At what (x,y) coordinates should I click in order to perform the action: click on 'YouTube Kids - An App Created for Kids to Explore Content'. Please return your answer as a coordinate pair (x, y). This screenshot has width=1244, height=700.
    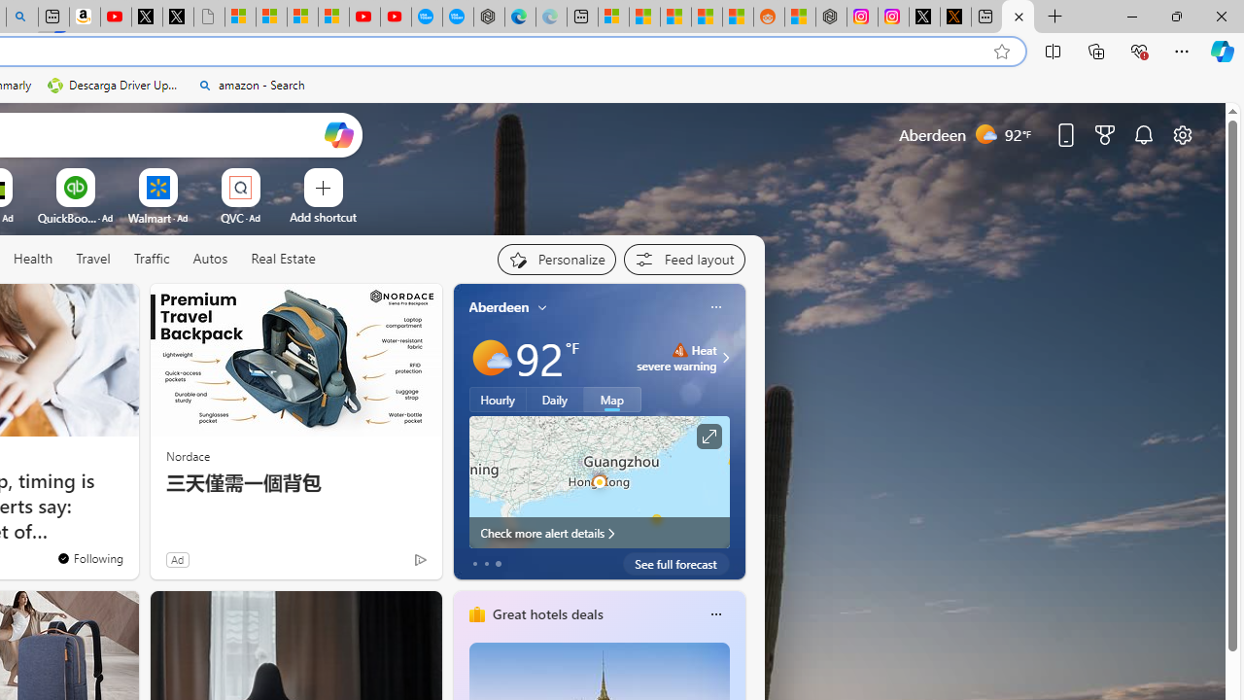
    Looking at the image, I should click on (395, 17).